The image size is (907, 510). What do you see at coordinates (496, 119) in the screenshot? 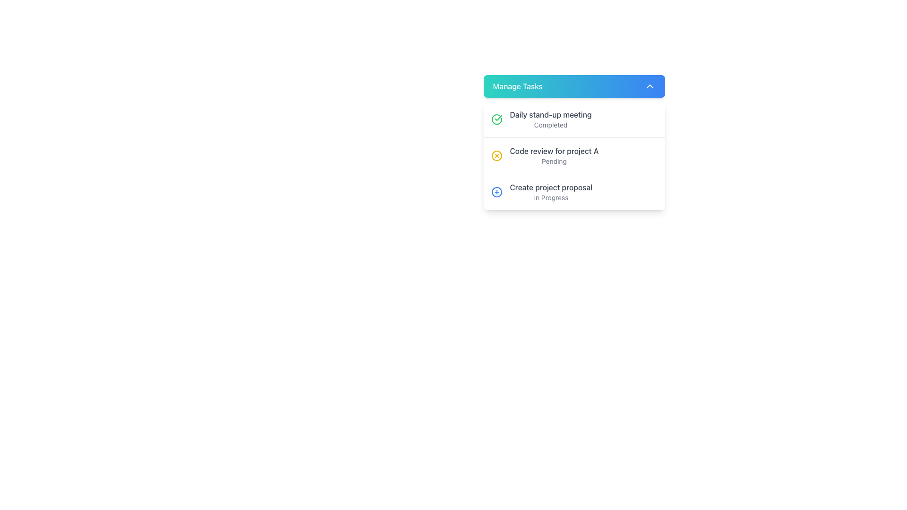
I see `the Status Indicator Icon, which is a green circular icon with a checkmark symbol inside, indicating a completed status for the task 'Daily stand-up meeting'` at bounding box center [496, 119].